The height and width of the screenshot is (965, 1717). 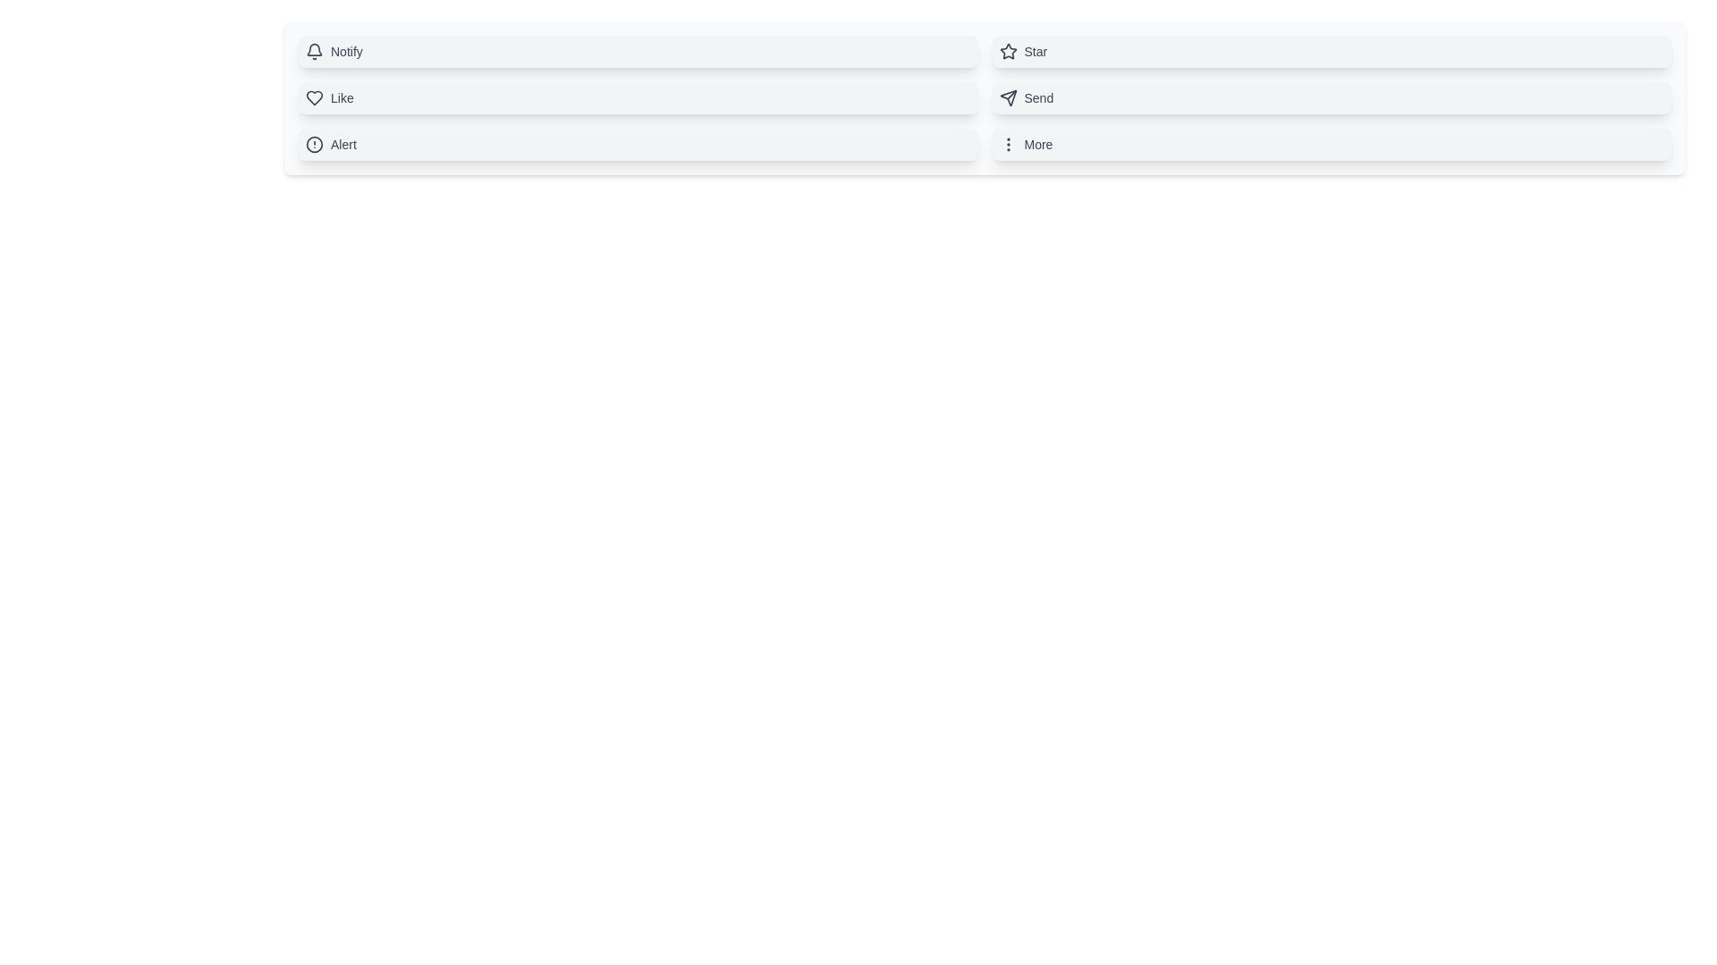 I want to click on the heart icon representing the 'Like' or 'Favorite' function, which is located between the Notify icon and the Alert icon in the vertical list, so click(x=314, y=98).